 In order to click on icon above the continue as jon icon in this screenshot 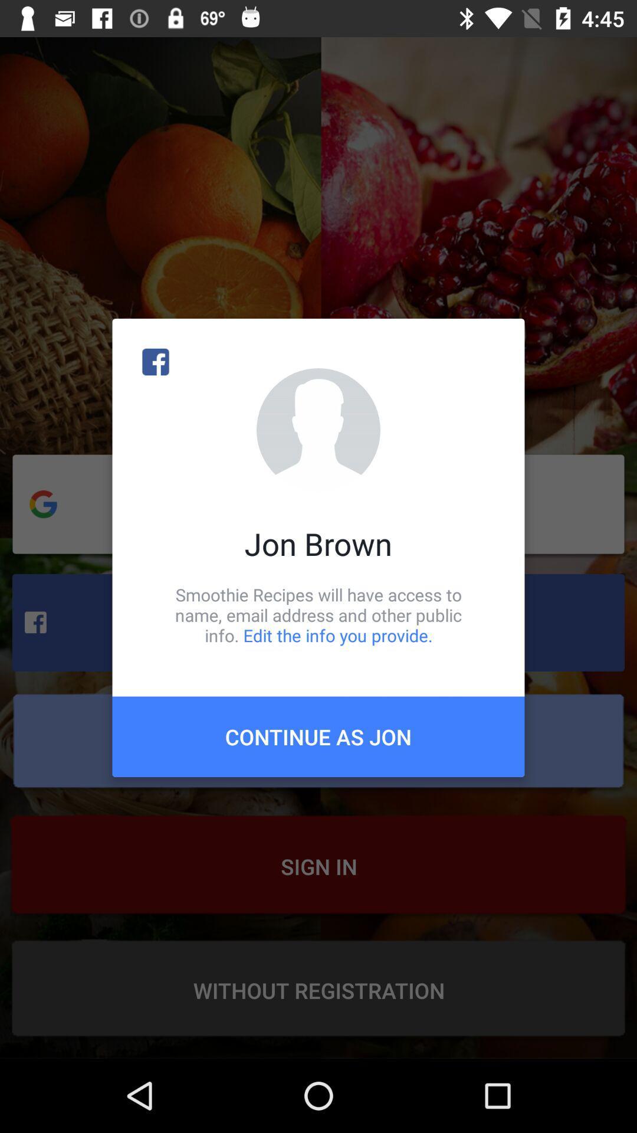, I will do `click(318, 614)`.